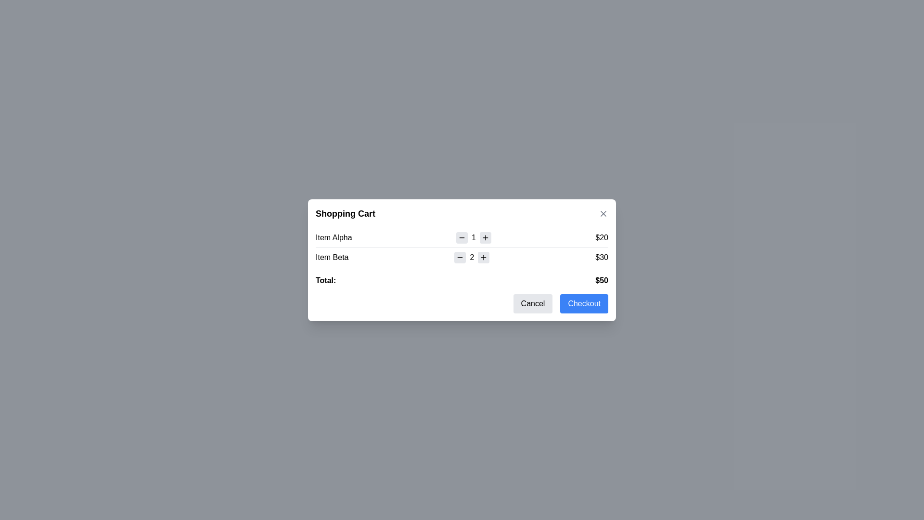 The image size is (924, 520). I want to click on the close button icon located in the top-right corner of the 'Shopping Cart' modal window, so click(603, 213).